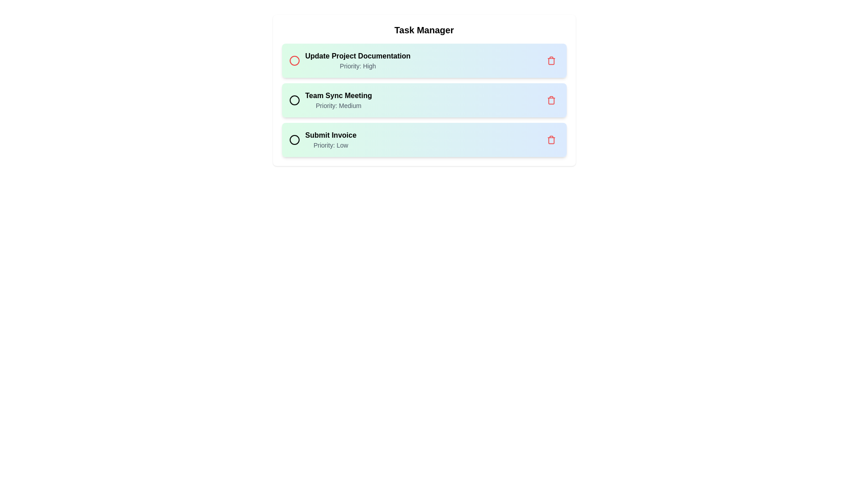 The image size is (865, 486). Describe the element at coordinates (551, 100) in the screenshot. I see `the delete icon for the task with title 'Team Sync Meeting'` at that location.